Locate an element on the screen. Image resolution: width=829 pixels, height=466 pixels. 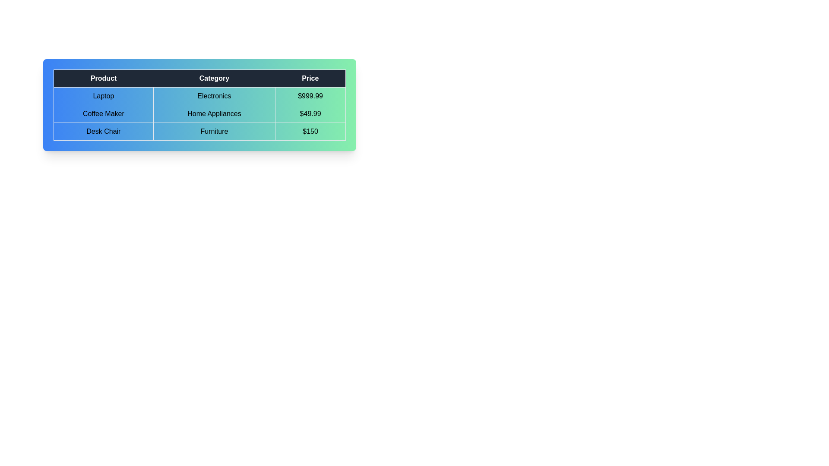
the first row of the table containing the text 'Laptop', 'Electronics', and '$999.99', which is structured with three sections under the respective headers is located at coordinates (199, 96).